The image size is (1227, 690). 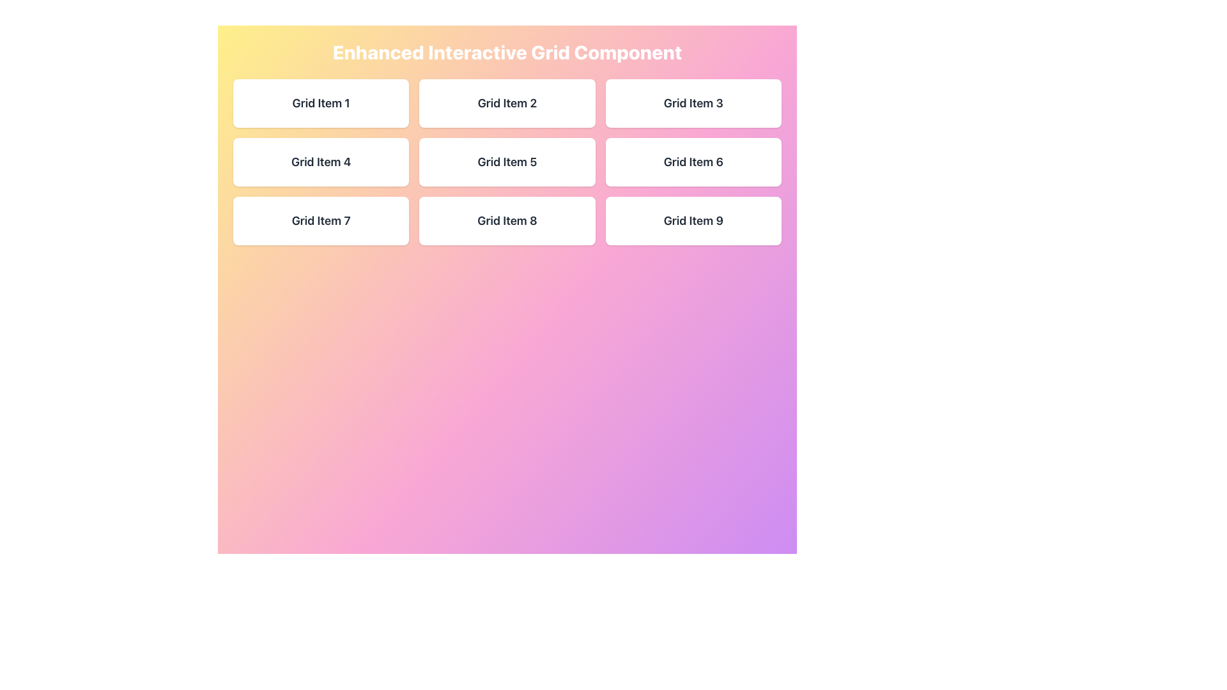 I want to click on the Button-like interactive grid card labeled 'Grid Item 5', which is a rectangular card with a white background and rounded corners, located in the second row and second column of the grid, so click(x=506, y=162).